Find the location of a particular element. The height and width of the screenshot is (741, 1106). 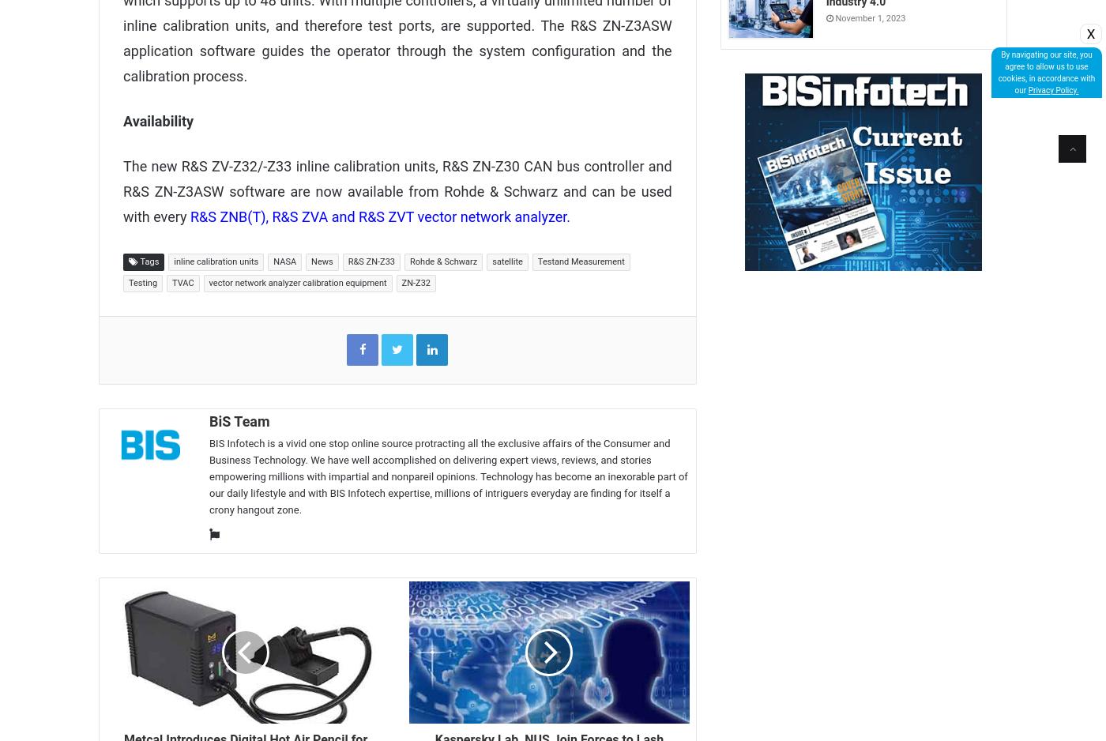

'BIS Infotech is a vivid one stop online source protracting all the exclusive affairs of the Consumer and Business Technology. We have well accomplished on delivering expert views, reviews, and stories empowering millions with impartial and nonpareil opinions. Technology has become an inexorable part of our daily lifestyle and with BIS Infotech expertise, millions of intriguers everyday are finding for itself a crony hangout zone.' is located at coordinates (448, 475).